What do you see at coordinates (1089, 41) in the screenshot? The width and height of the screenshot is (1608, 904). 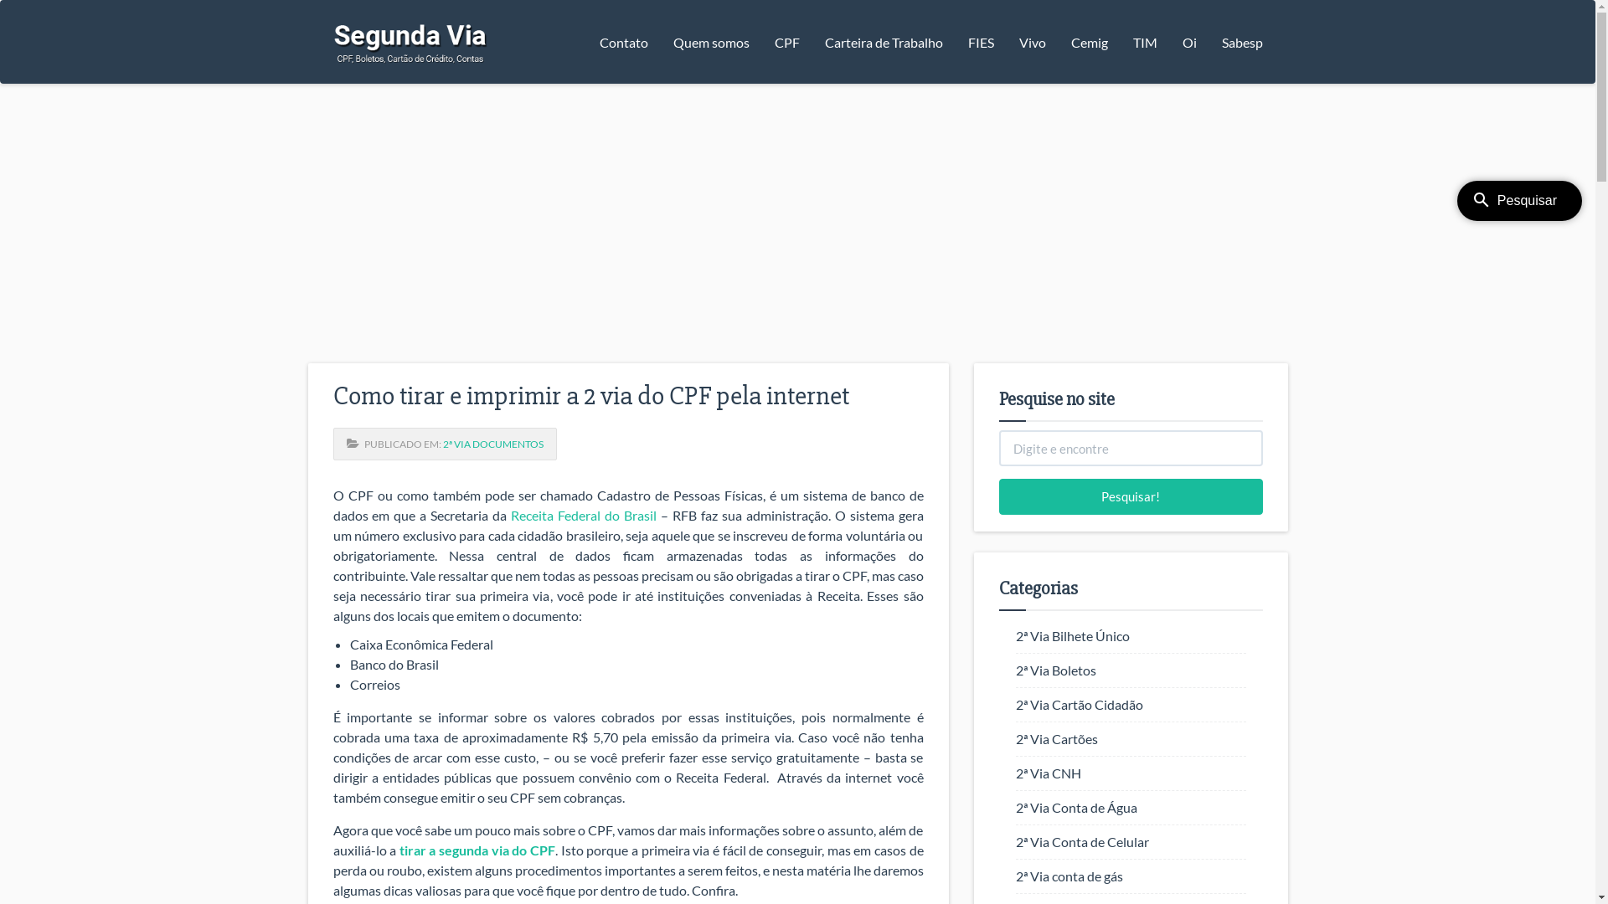 I see `'Cemig'` at bounding box center [1089, 41].